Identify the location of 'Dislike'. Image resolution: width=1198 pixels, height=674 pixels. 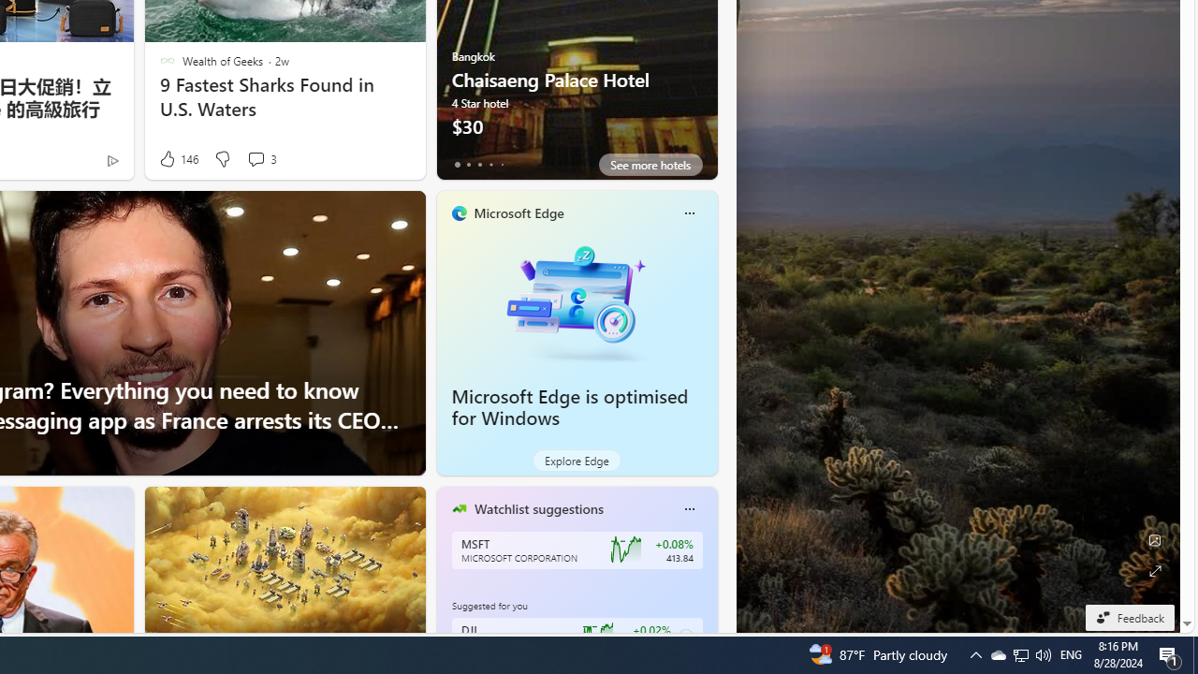
(222, 158).